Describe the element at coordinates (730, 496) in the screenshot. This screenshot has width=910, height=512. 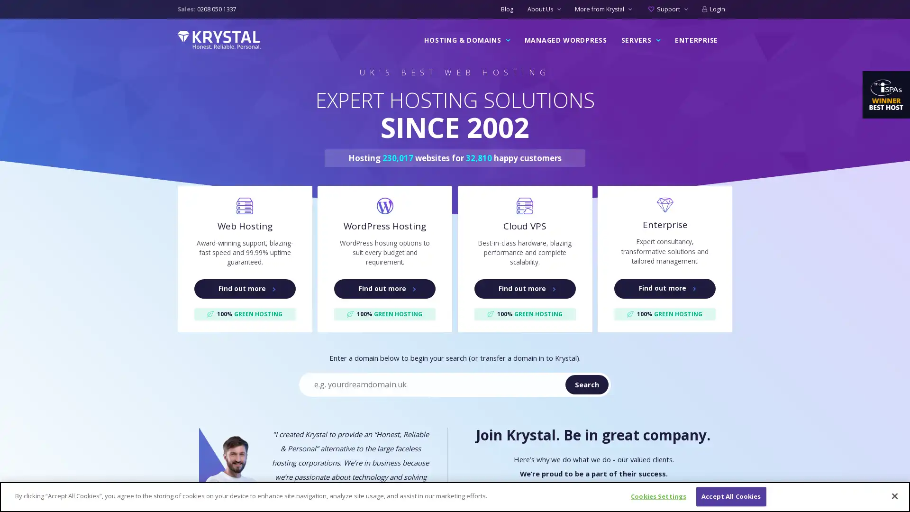
I see `Accept All Cookies` at that location.